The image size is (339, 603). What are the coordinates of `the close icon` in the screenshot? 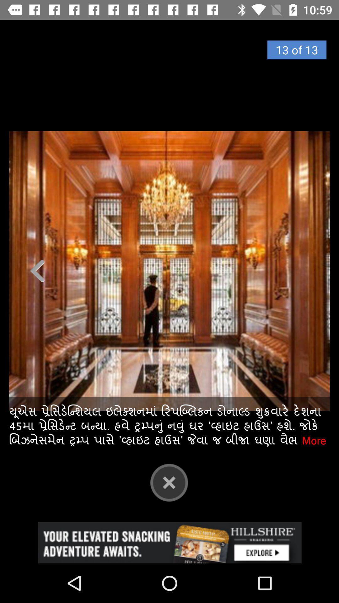 It's located at (169, 482).